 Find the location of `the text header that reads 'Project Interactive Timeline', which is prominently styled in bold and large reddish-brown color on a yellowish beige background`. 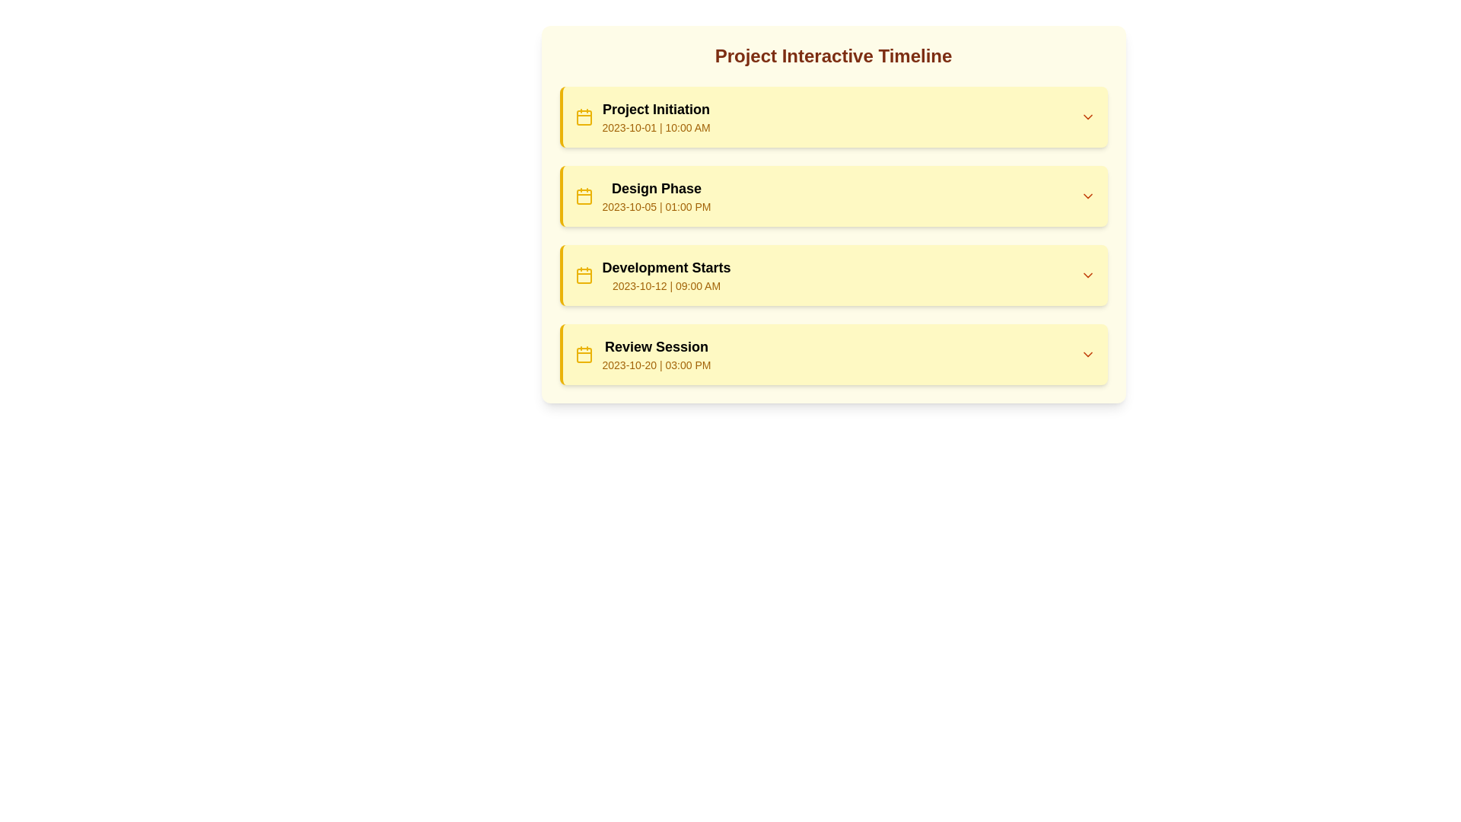

the text header that reads 'Project Interactive Timeline', which is prominently styled in bold and large reddish-brown color on a yellowish beige background is located at coordinates (832, 55).